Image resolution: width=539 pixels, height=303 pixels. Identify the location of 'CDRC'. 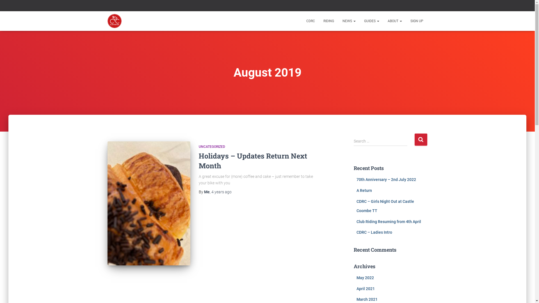
(302, 20).